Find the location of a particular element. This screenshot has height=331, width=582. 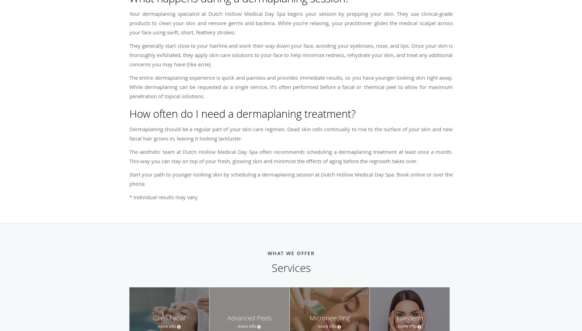

'Microneedling' is located at coordinates (329, 318).